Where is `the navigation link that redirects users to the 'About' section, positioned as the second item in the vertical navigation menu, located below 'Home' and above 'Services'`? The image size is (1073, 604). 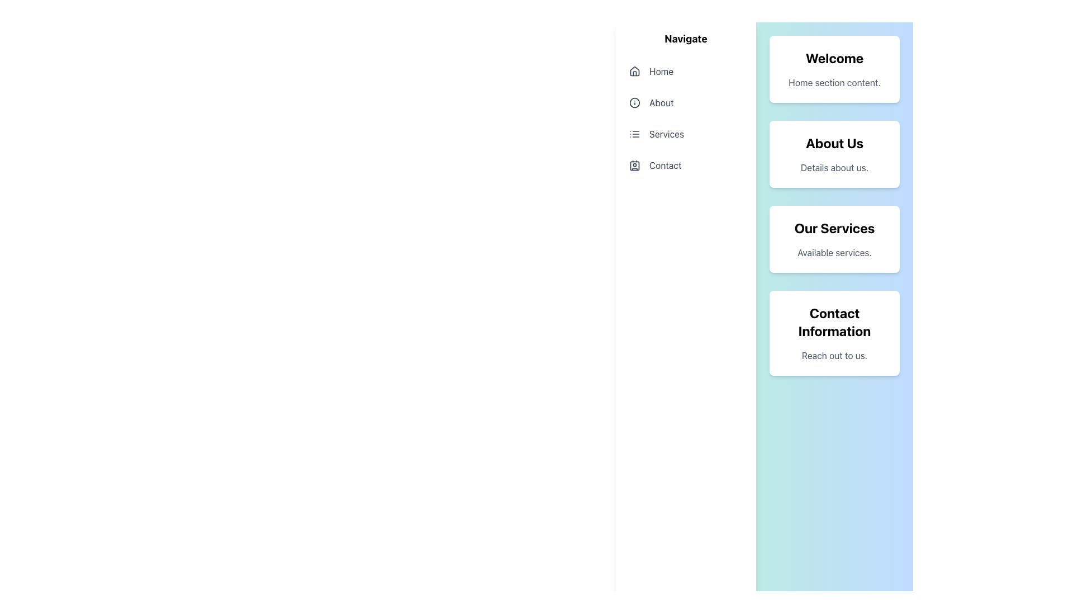
the navigation link that redirects users to the 'About' section, positioned as the second item in the vertical navigation menu, located below 'Home' and above 'Services' is located at coordinates (685, 103).